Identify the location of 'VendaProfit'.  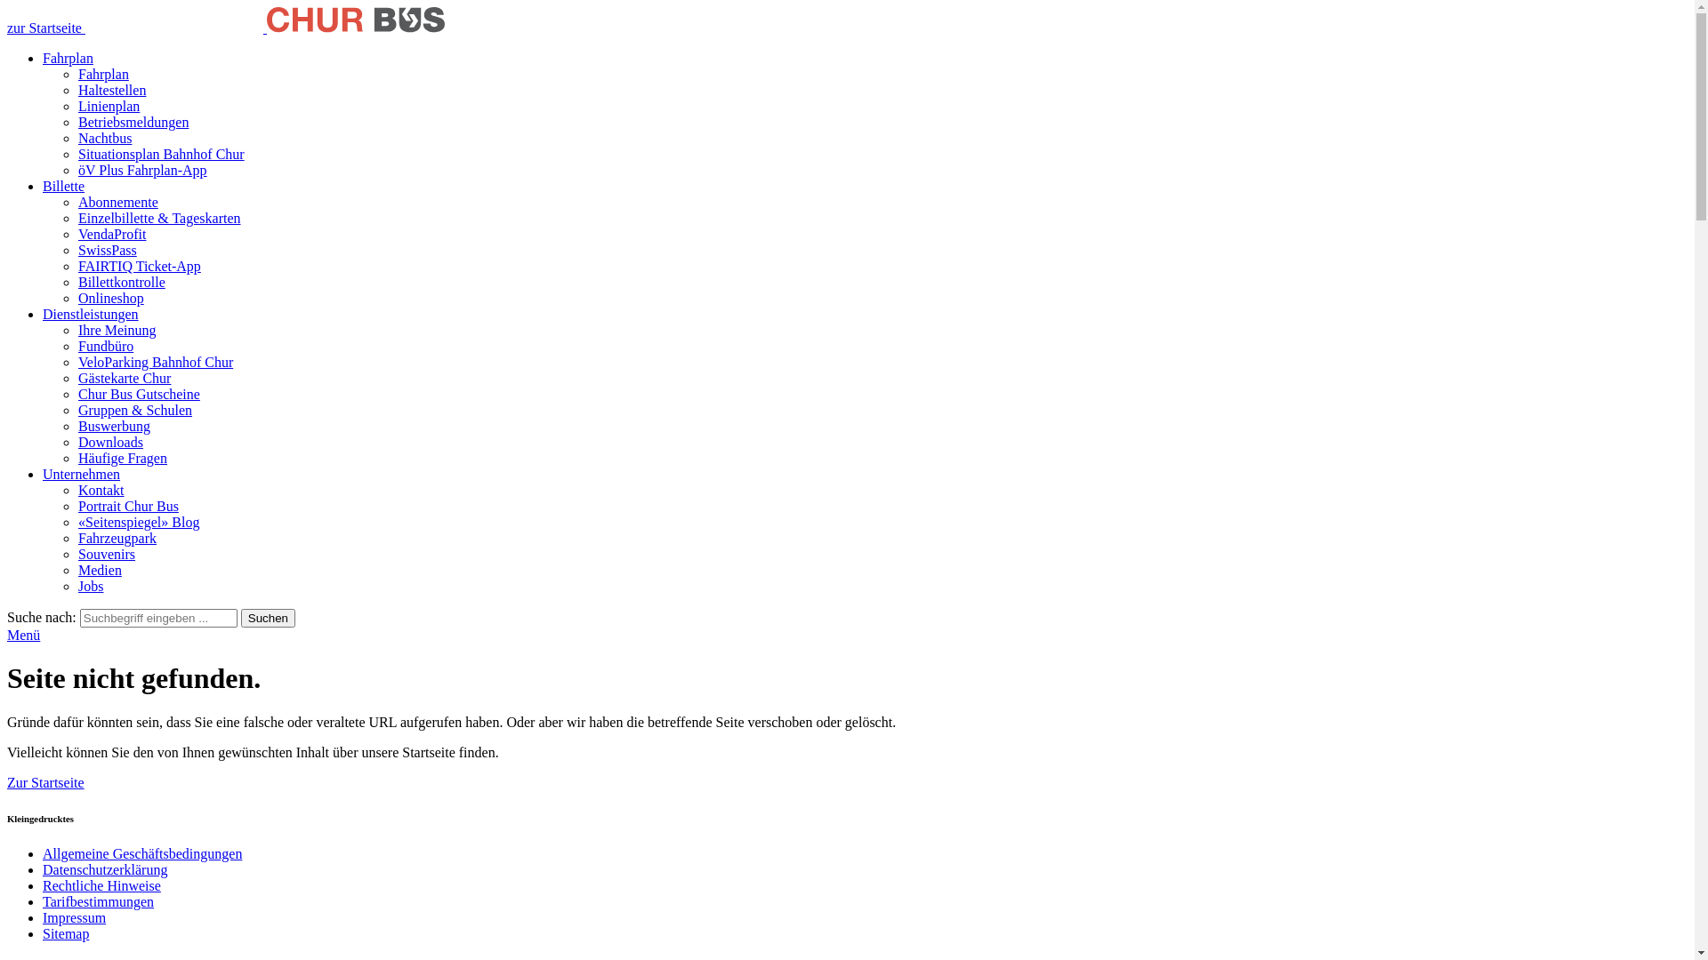
(110, 233).